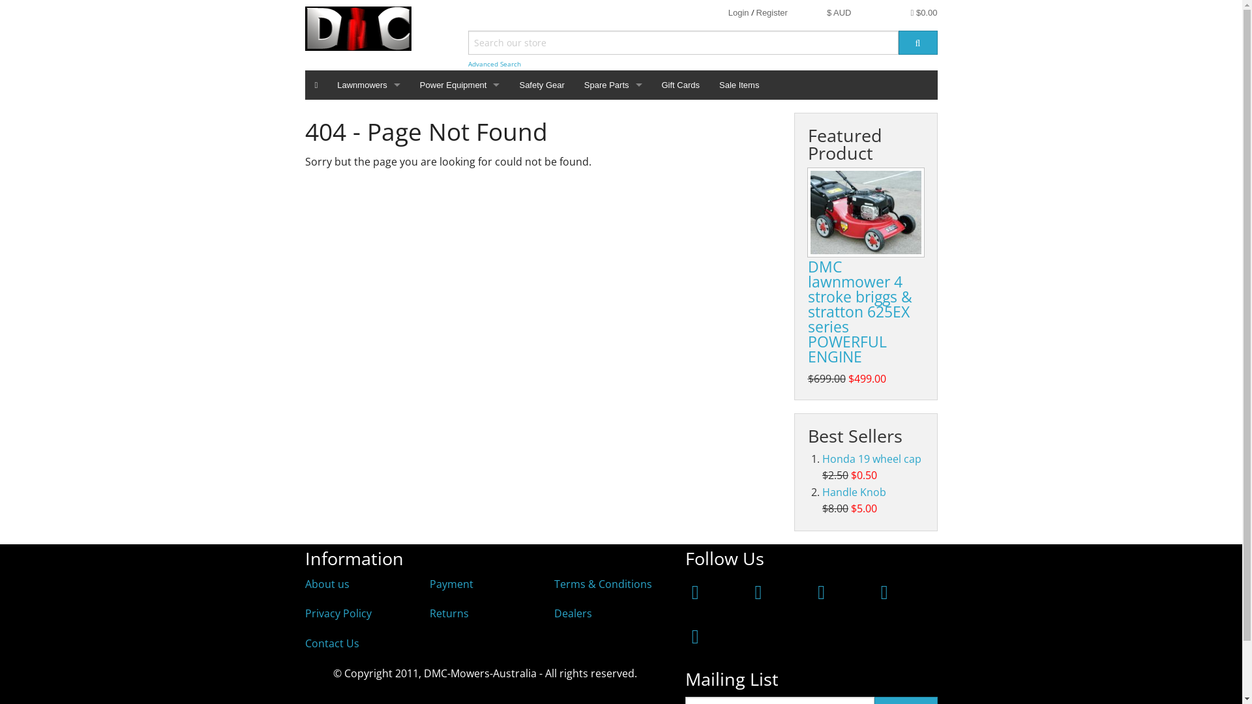 Image resolution: width=1252 pixels, height=704 pixels. What do you see at coordinates (758, 591) in the screenshot?
I see `'Instagram'` at bounding box center [758, 591].